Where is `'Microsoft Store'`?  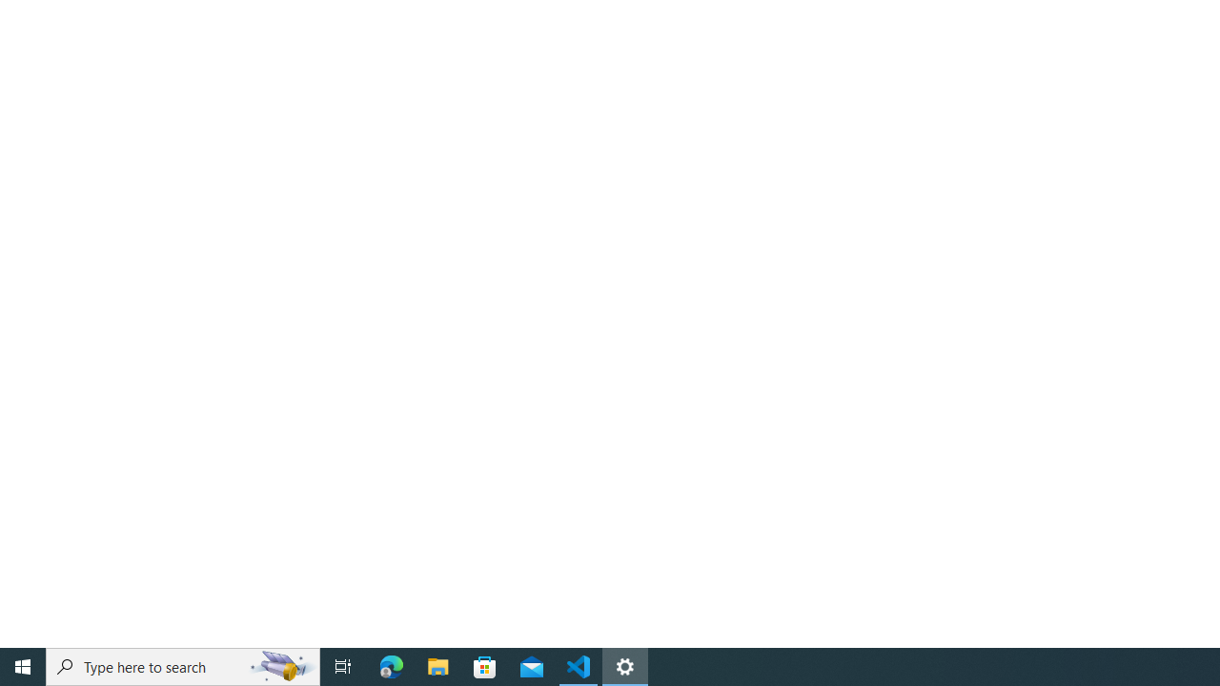 'Microsoft Store' is located at coordinates (485, 665).